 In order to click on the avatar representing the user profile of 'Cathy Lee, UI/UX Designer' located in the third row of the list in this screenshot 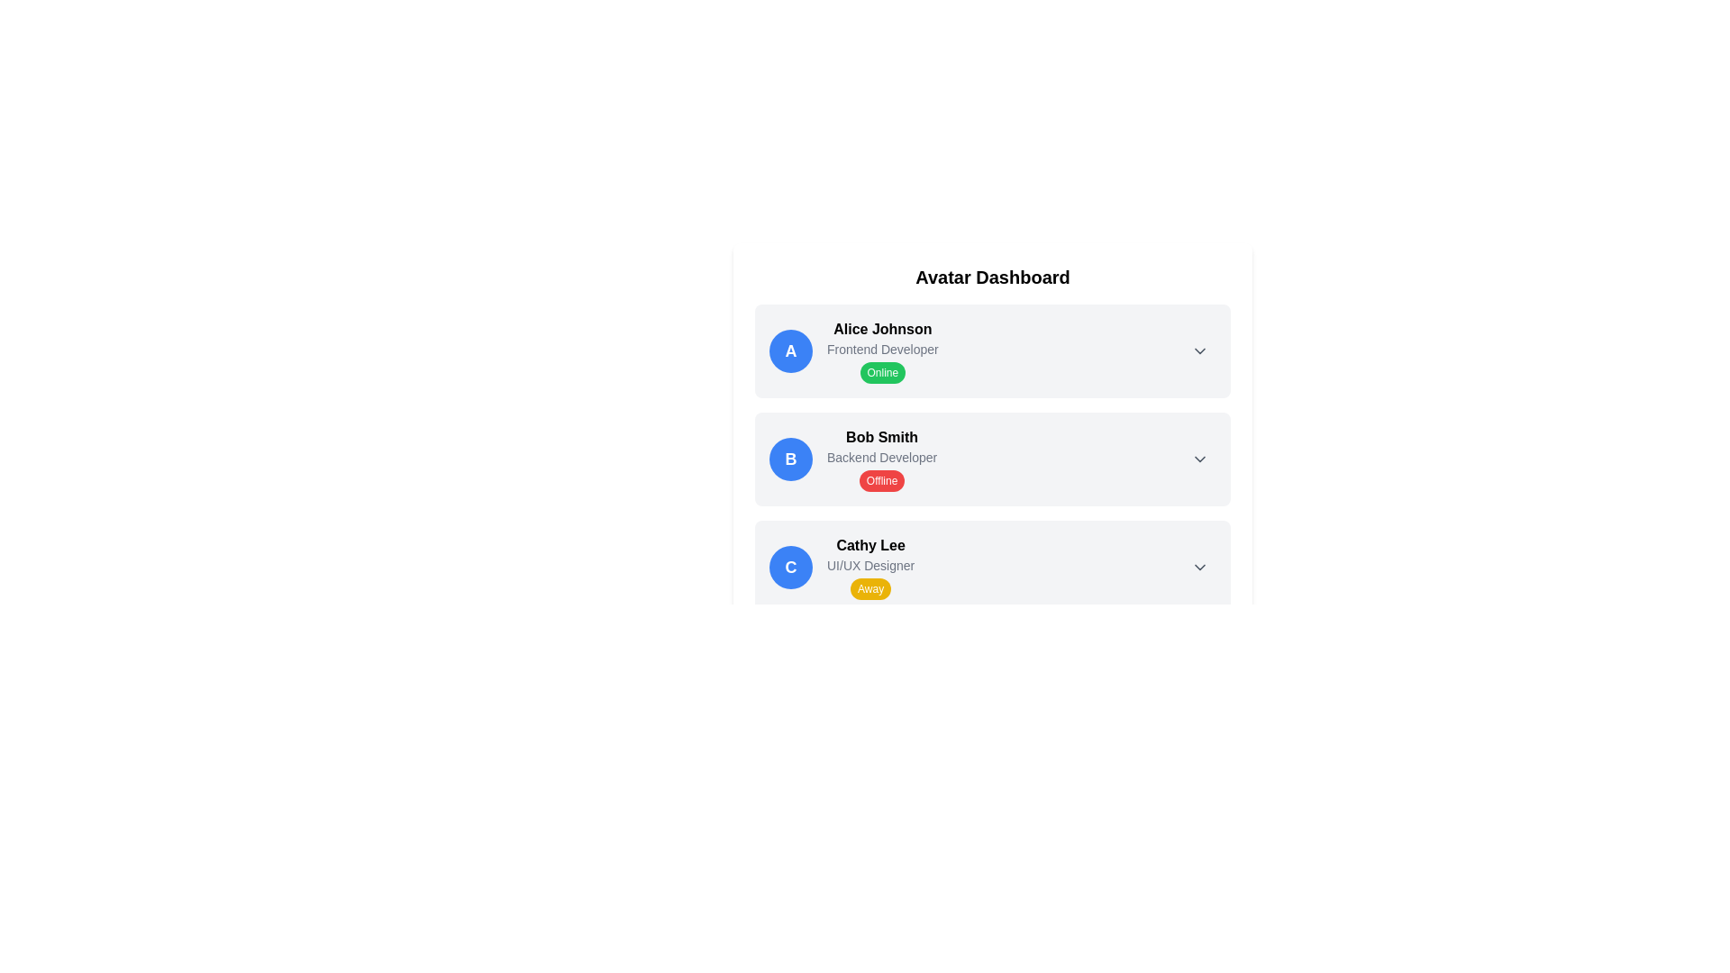, I will do `click(791, 566)`.